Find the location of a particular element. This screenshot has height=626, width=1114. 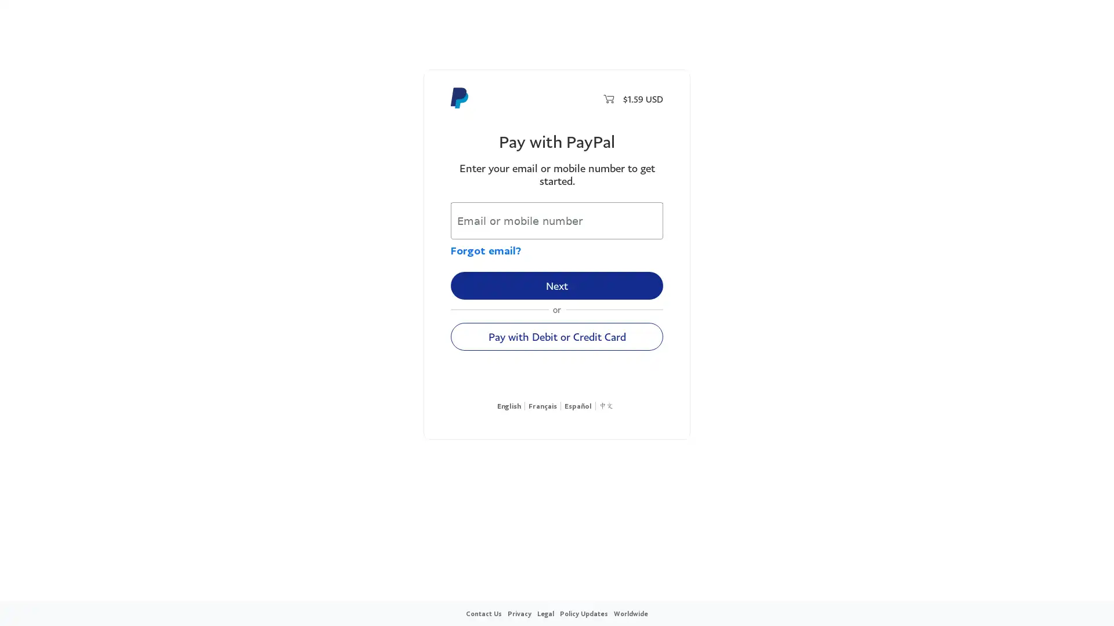

Next is located at coordinates (557, 286).